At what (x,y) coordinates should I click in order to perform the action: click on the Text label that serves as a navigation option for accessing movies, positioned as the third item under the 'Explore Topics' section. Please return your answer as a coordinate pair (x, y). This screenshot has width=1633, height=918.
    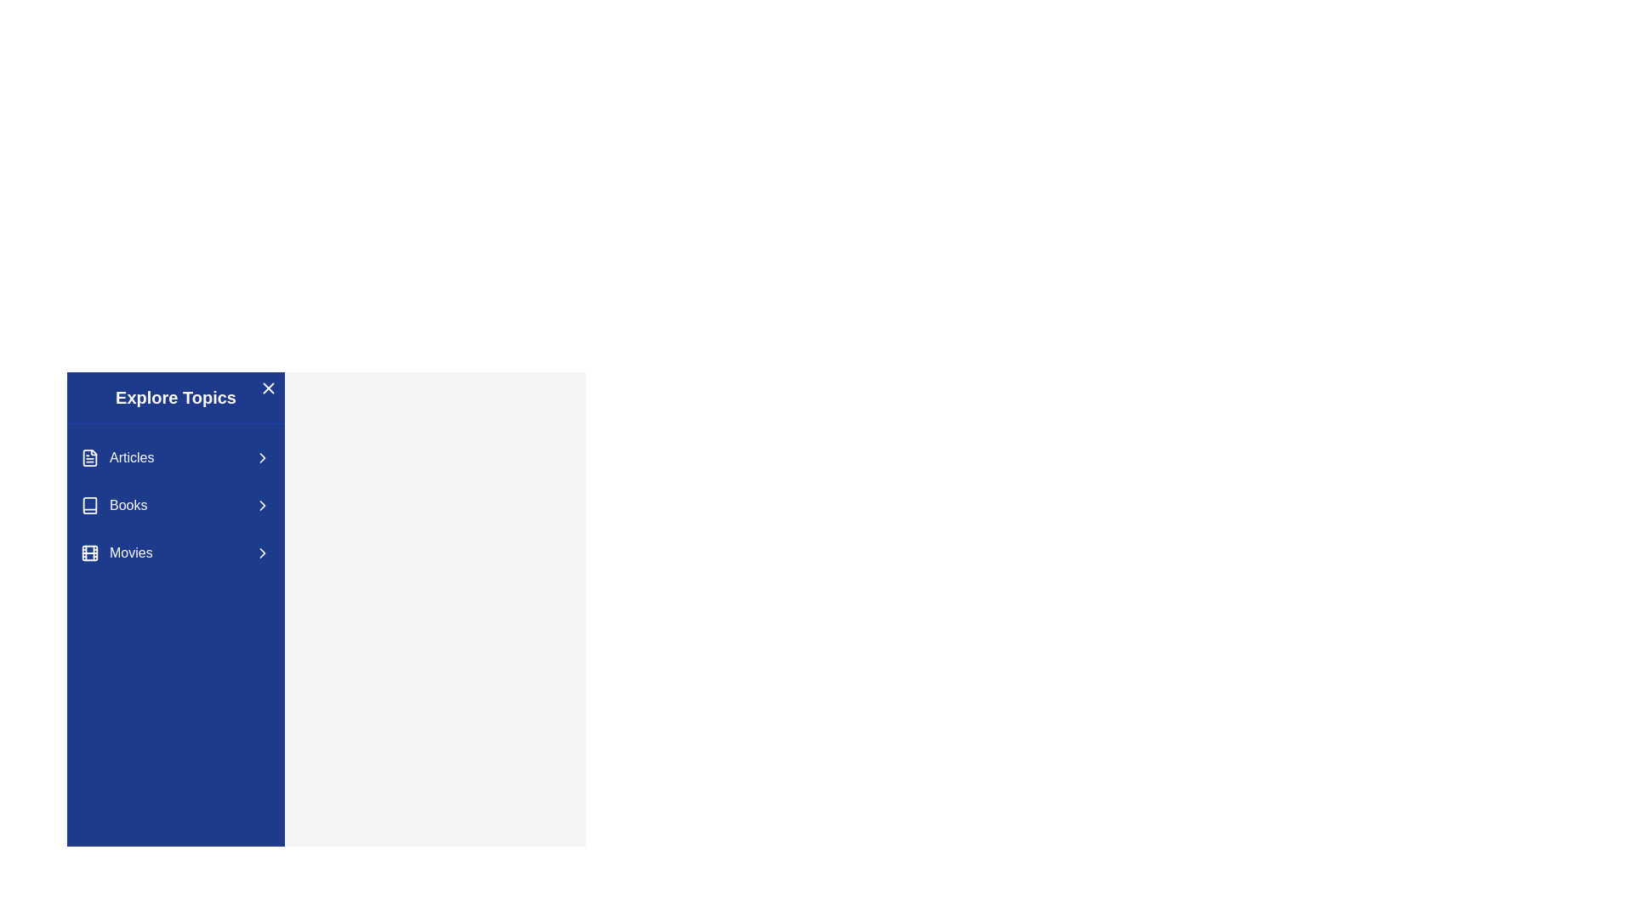
    Looking at the image, I should click on (130, 553).